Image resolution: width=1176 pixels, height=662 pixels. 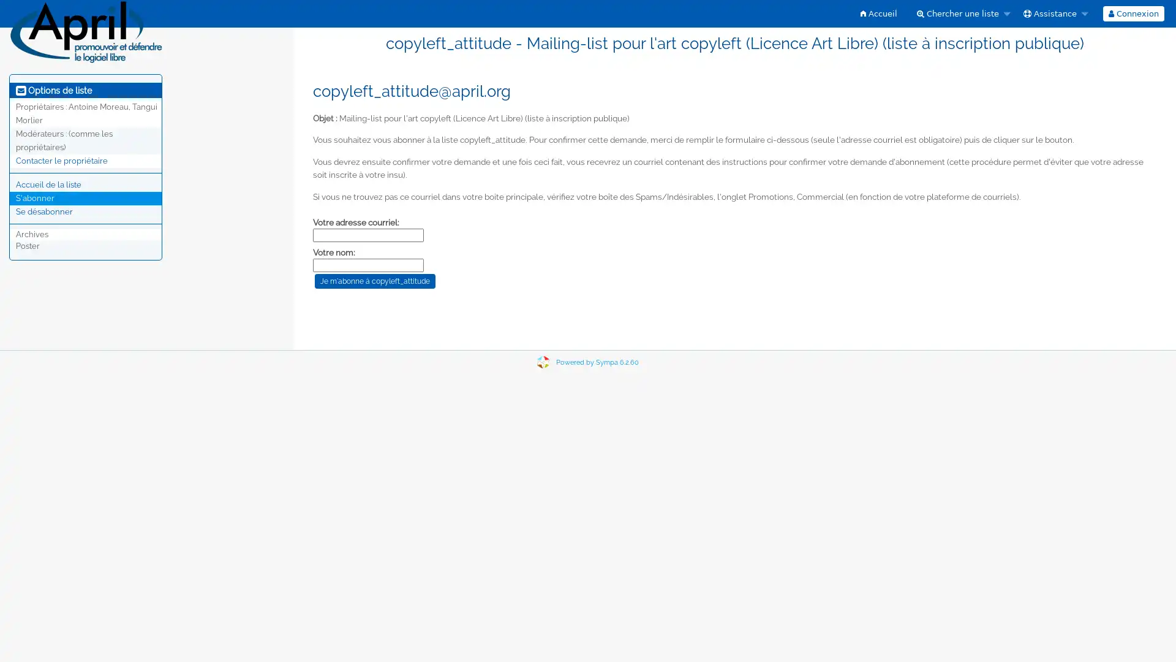 I want to click on Je m'abonne a copyleft_attitude, so click(x=374, y=281).